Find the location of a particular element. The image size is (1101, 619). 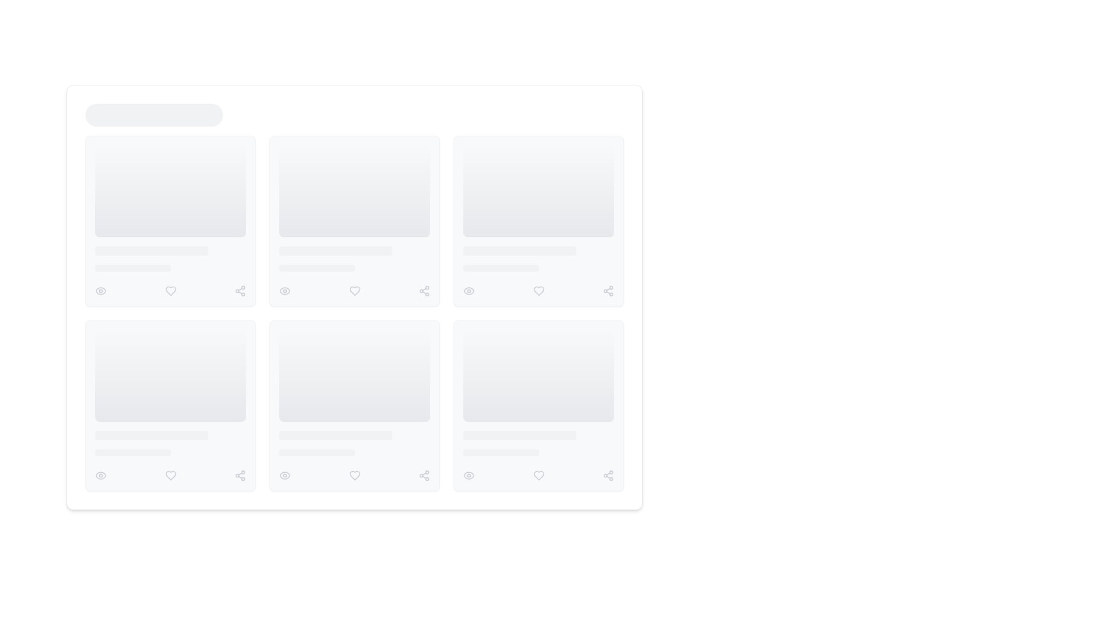

the Content card placeholder in the rightmost column of the top row to interact with its content is located at coordinates (538, 221).